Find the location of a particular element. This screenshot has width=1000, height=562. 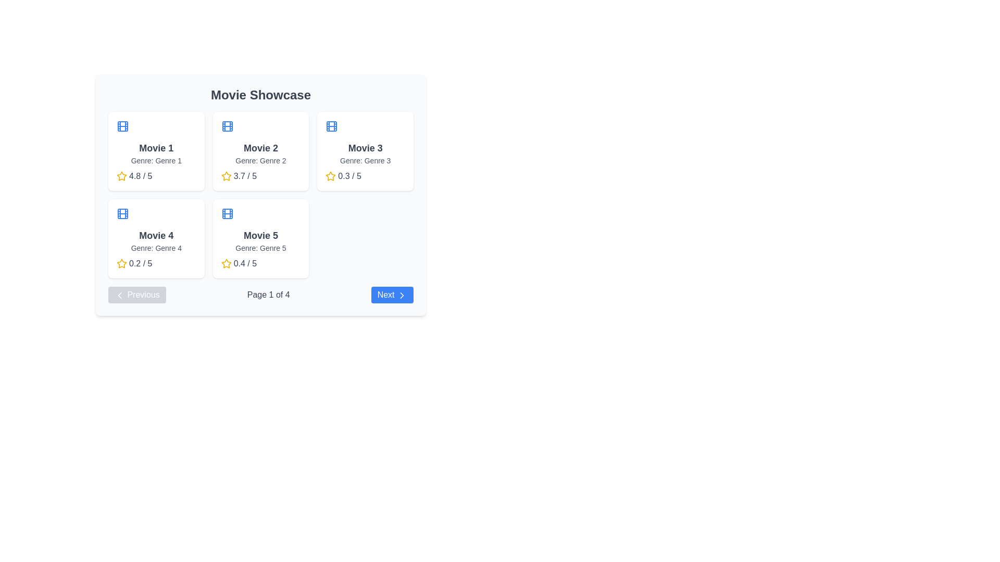

the movie icon that identifies the 'Movie 5' card, located near the top-left corner of the card in the bottom-right position of the movie card grid is located at coordinates (227, 213).